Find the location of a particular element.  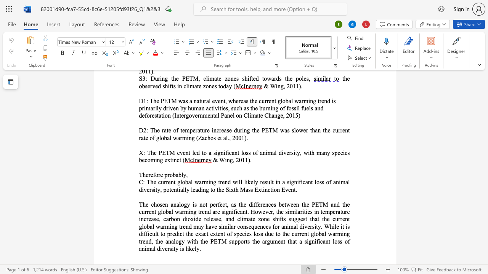

the 2th character "l" in the text is located at coordinates (254, 182).